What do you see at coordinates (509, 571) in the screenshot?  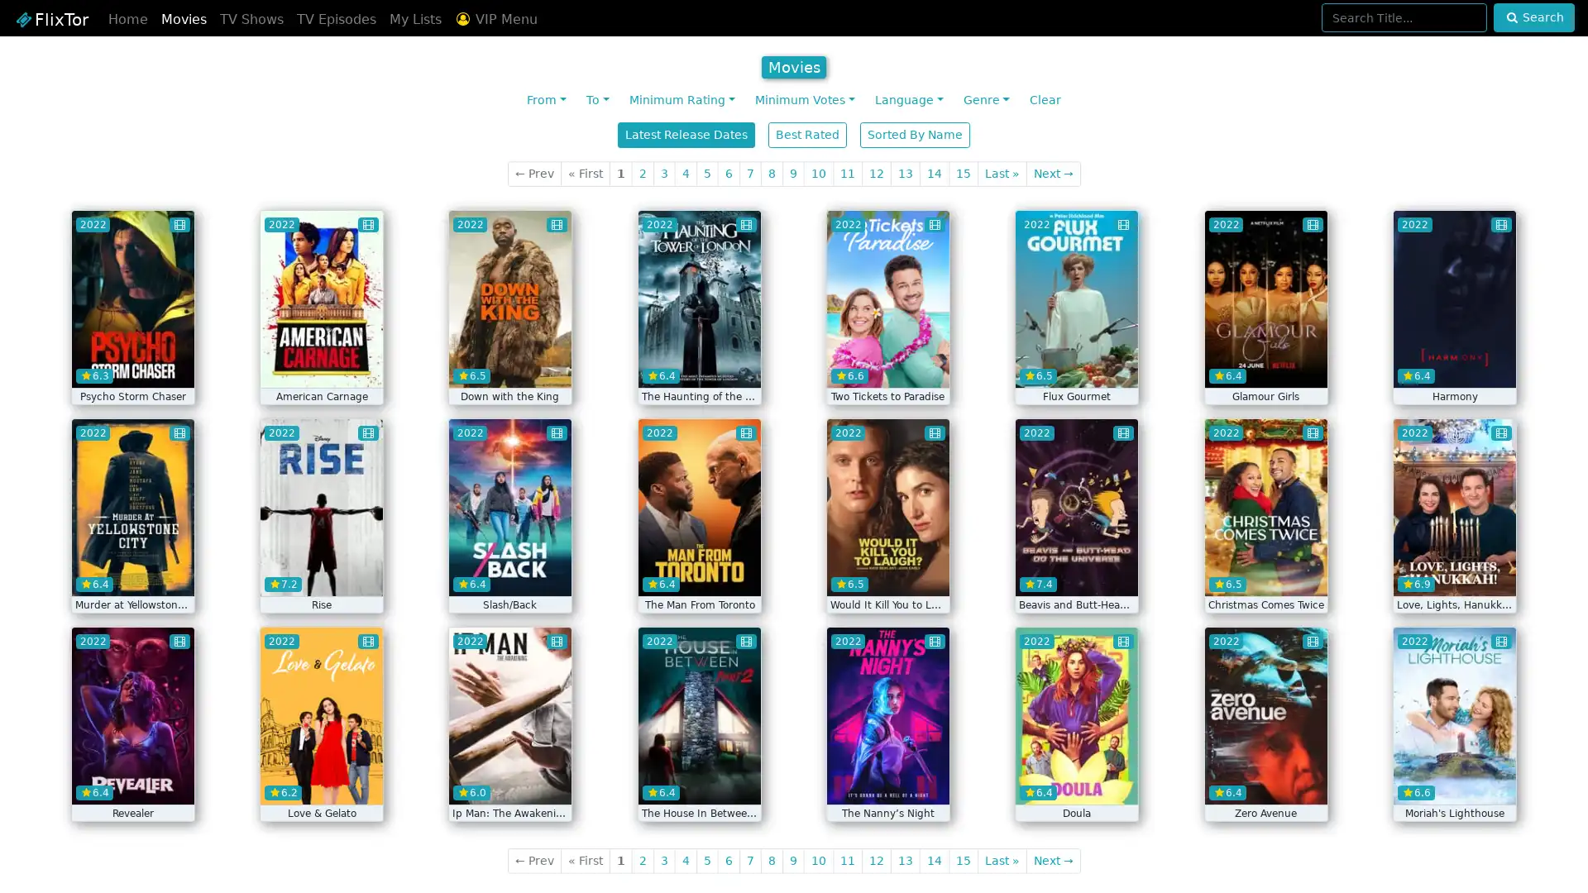 I see `Watch Now` at bounding box center [509, 571].